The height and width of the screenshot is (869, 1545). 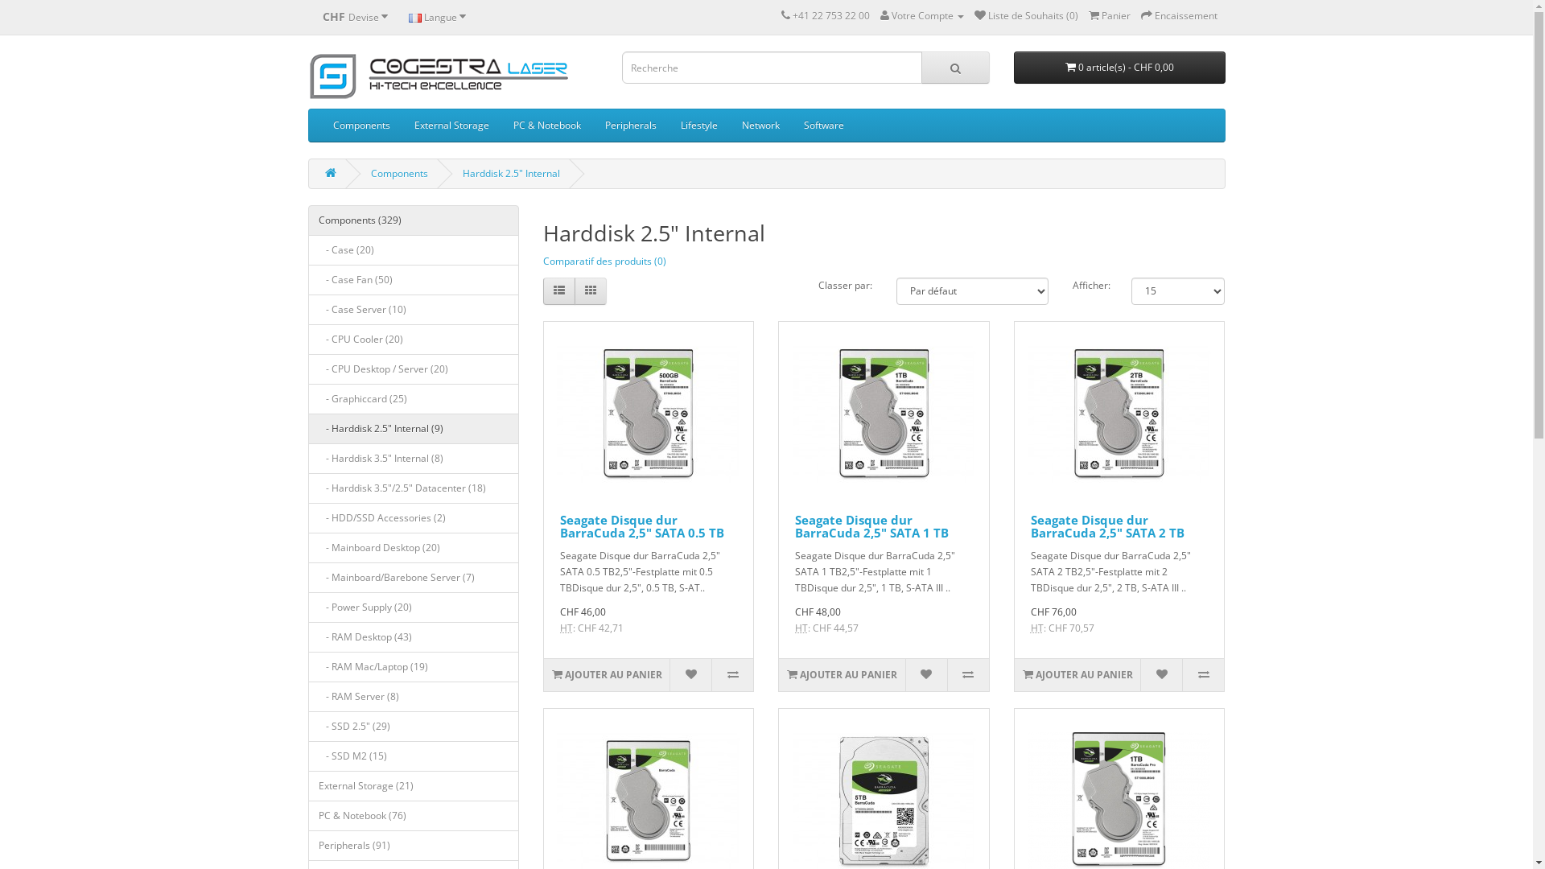 I want to click on 'Comparatif des produits (0)', so click(x=604, y=260).